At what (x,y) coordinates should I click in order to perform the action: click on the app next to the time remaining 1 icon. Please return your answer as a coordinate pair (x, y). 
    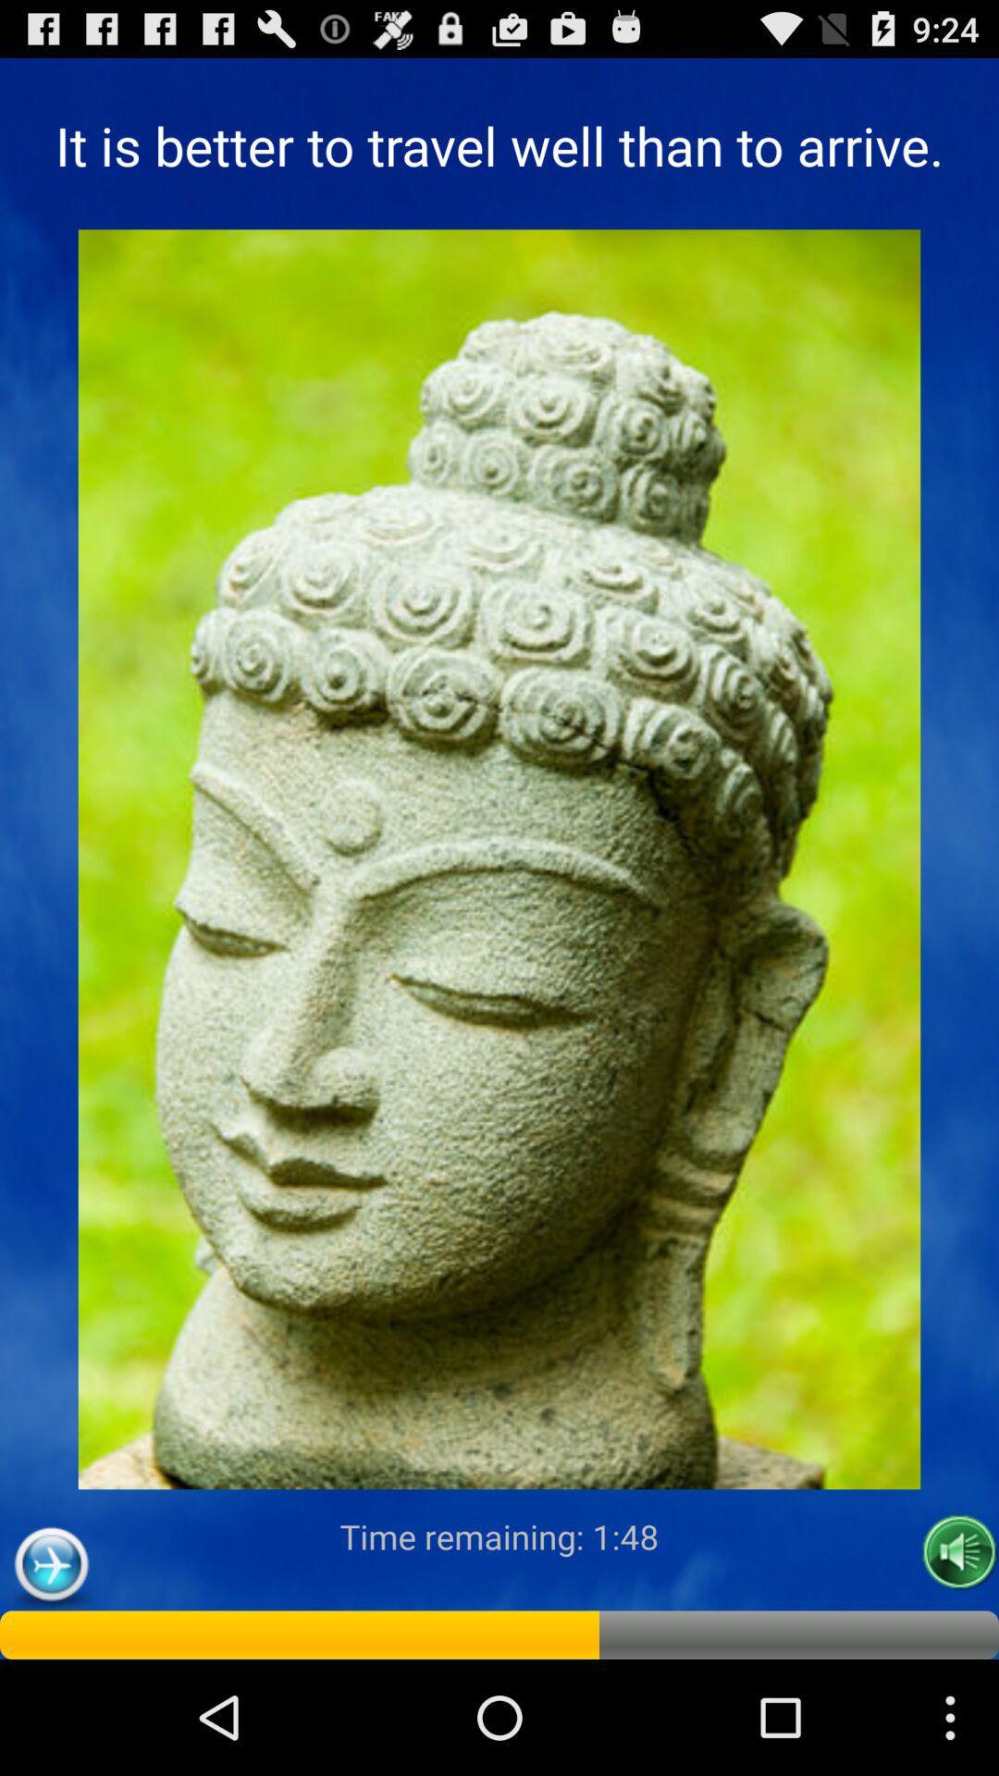
    Looking at the image, I should click on (50, 1564).